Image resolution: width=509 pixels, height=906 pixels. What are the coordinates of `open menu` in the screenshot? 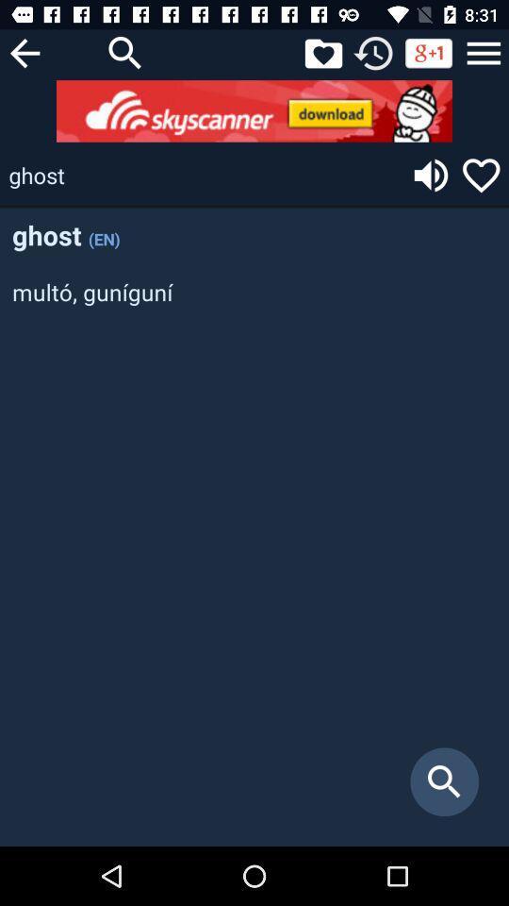 It's located at (484, 52).